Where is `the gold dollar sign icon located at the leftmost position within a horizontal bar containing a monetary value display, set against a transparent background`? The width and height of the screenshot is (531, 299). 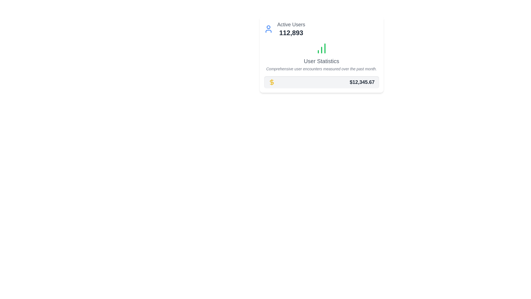
the gold dollar sign icon located at the leftmost position within a horizontal bar containing a monetary value display, set against a transparent background is located at coordinates (272, 82).